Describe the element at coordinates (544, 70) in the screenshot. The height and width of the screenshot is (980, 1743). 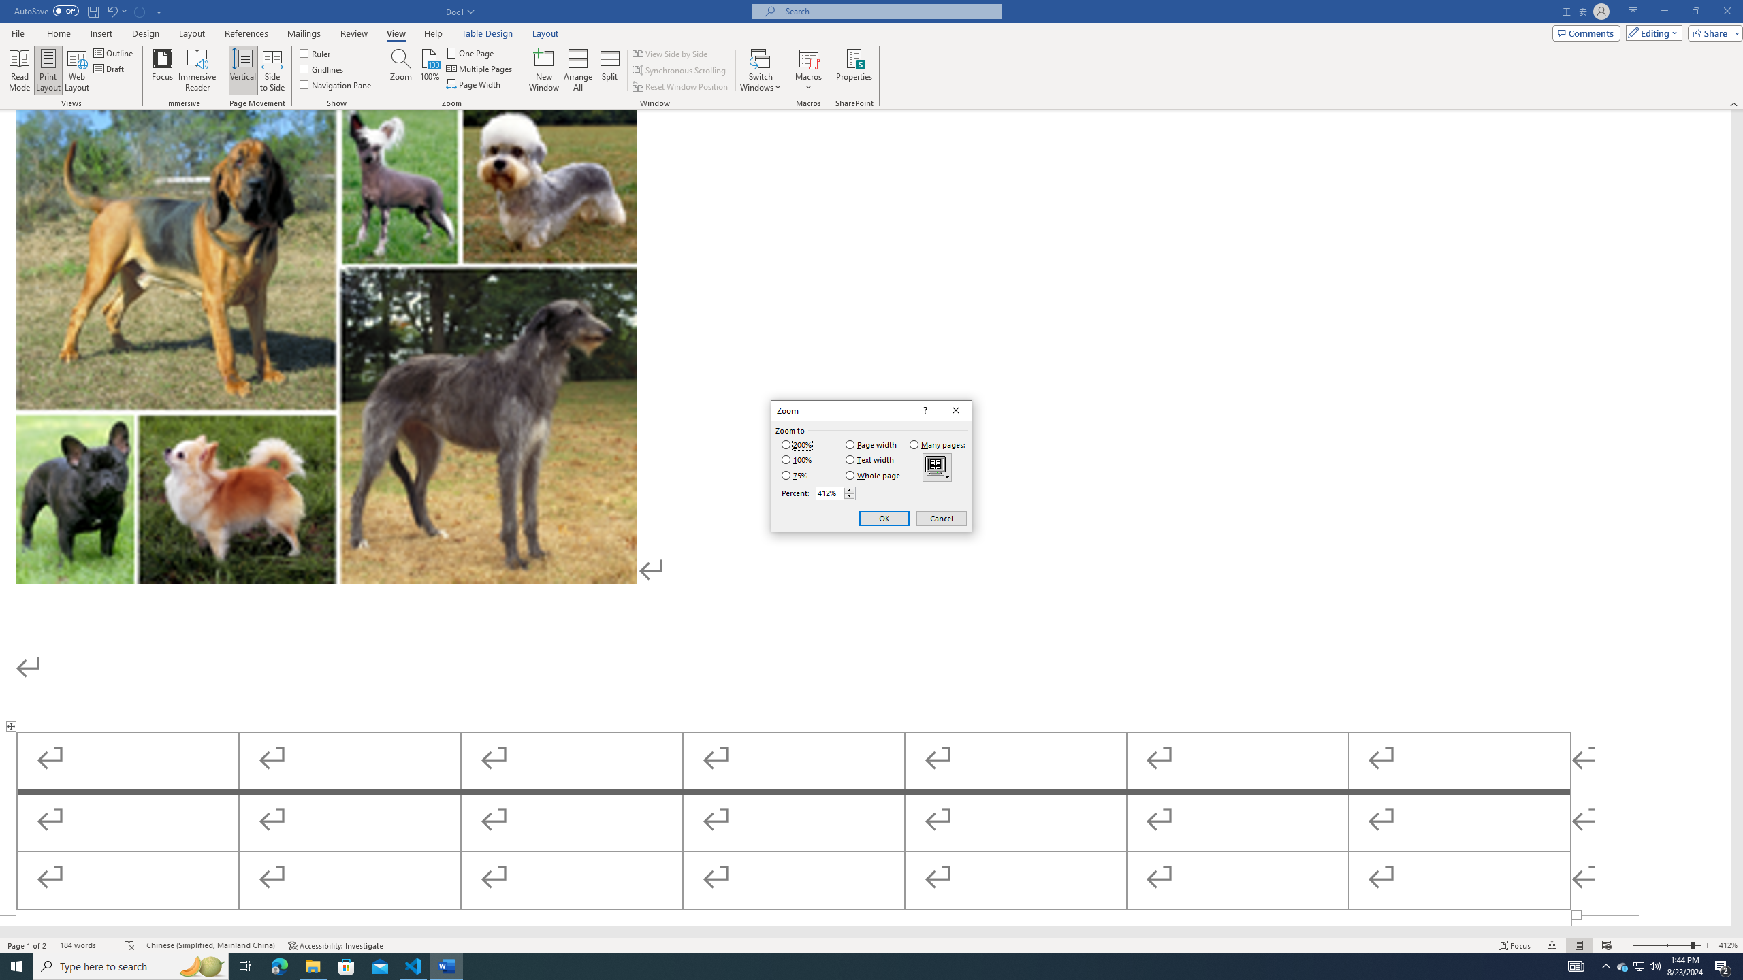
I see `'New Window'` at that location.